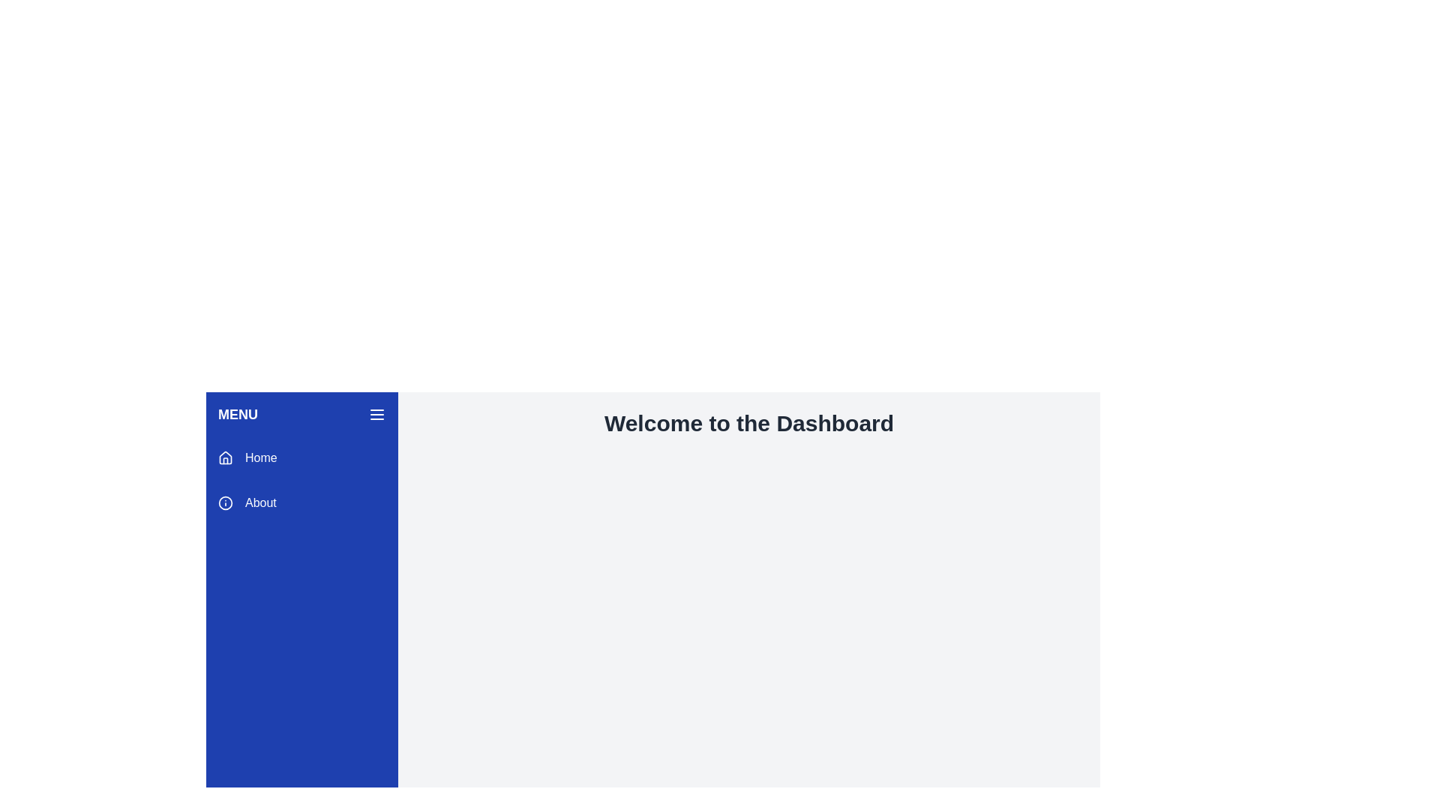 The width and height of the screenshot is (1440, 810). Describe the element at coordinates (225, 456) in the screenshot. I see `the 'Home' icon in the sidebar menu, which is visually represented as part of a grouped icon set near the top of the menu` at that location.